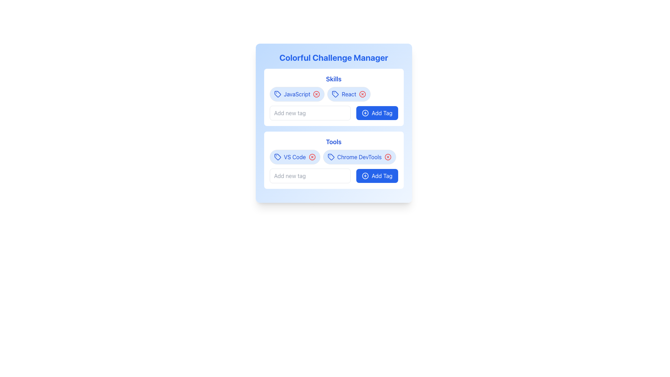 The height and width of the screenshot is (377, 670). Describe the element at coordinates (316, 94) in the screenshot. I see `the 'remove' button associated with the 'JavaScript' tag located on the right side of the 'JavaScript' tag within the 'Skills' section` at that location.